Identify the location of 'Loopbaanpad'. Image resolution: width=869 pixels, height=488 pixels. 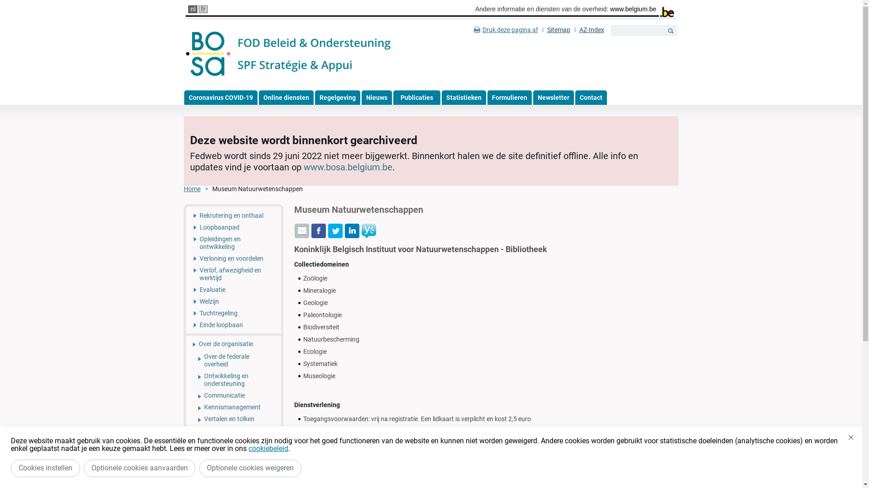
(233, 226).